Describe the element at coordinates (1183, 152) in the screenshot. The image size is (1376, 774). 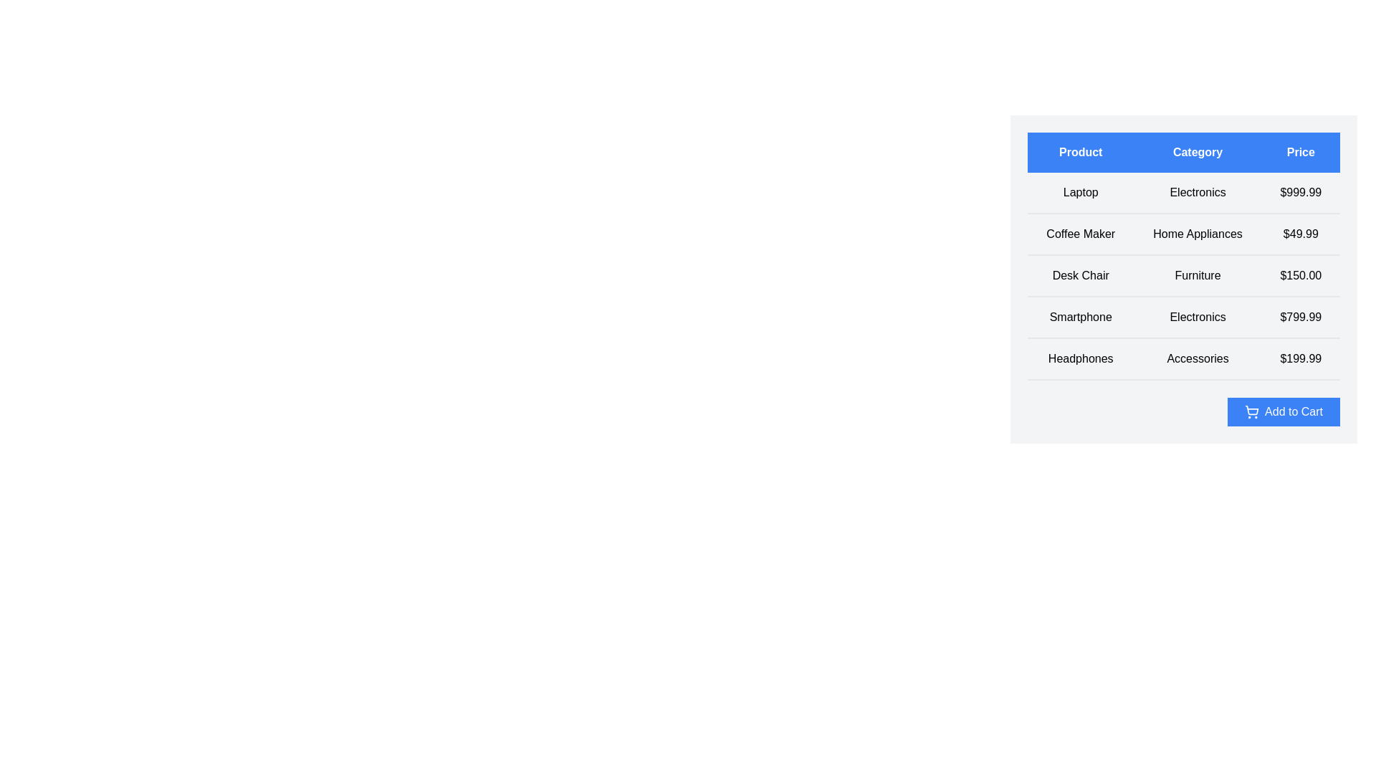
I see `the 'Category' label in the Table Header Row, which is centered and has a blue background with white text` at that location.